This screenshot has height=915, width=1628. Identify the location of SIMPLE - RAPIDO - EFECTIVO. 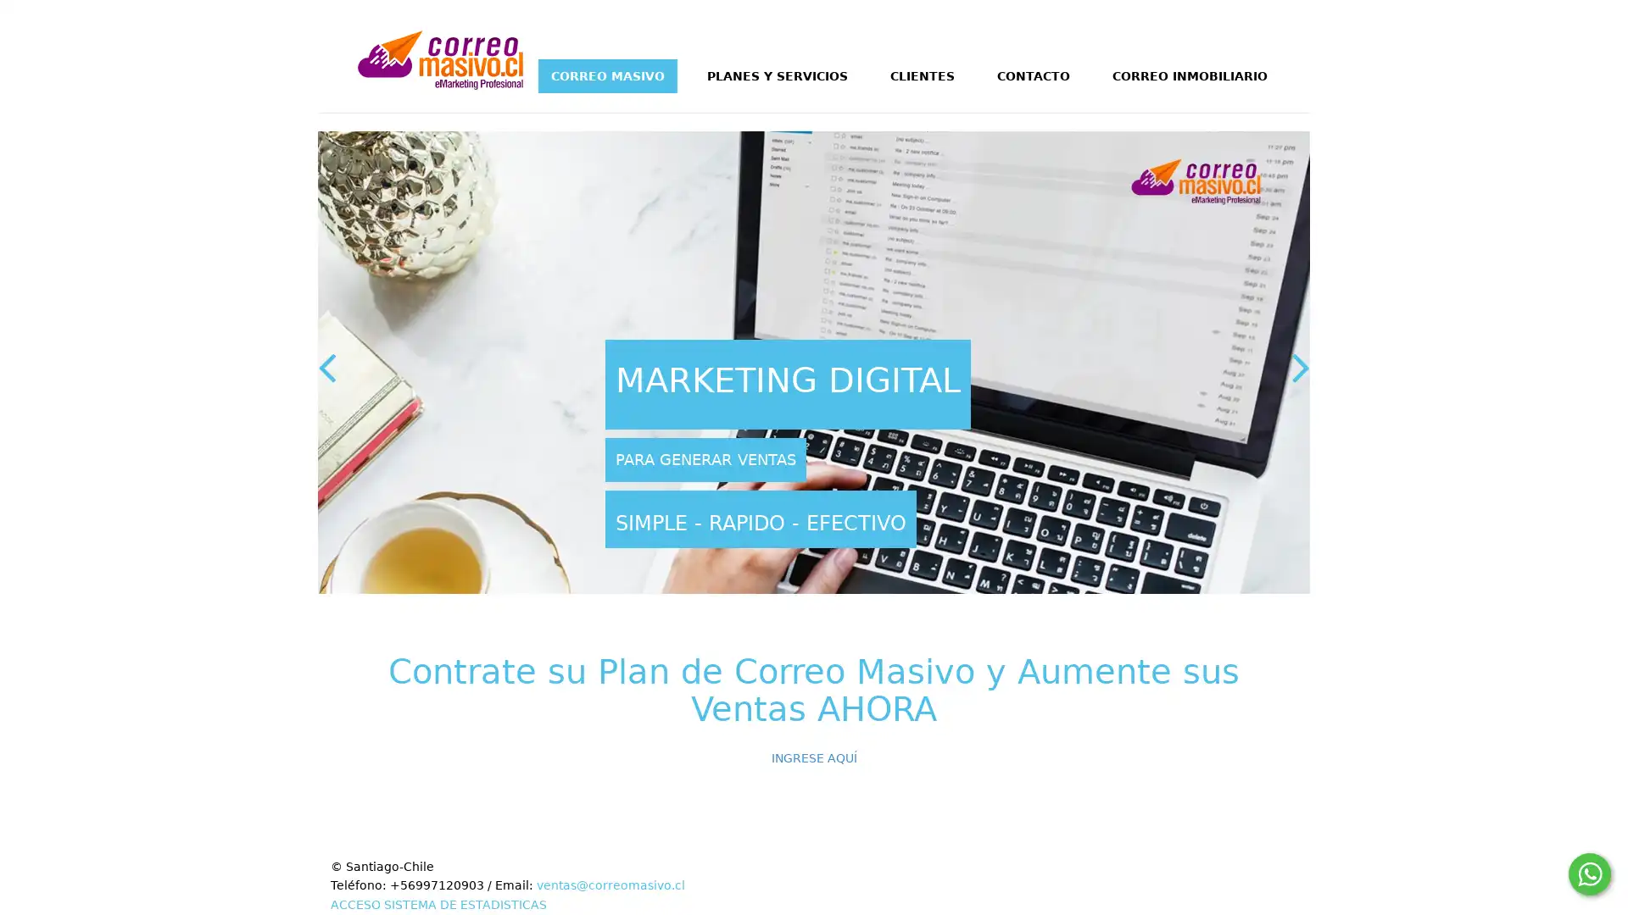
(760, 518).